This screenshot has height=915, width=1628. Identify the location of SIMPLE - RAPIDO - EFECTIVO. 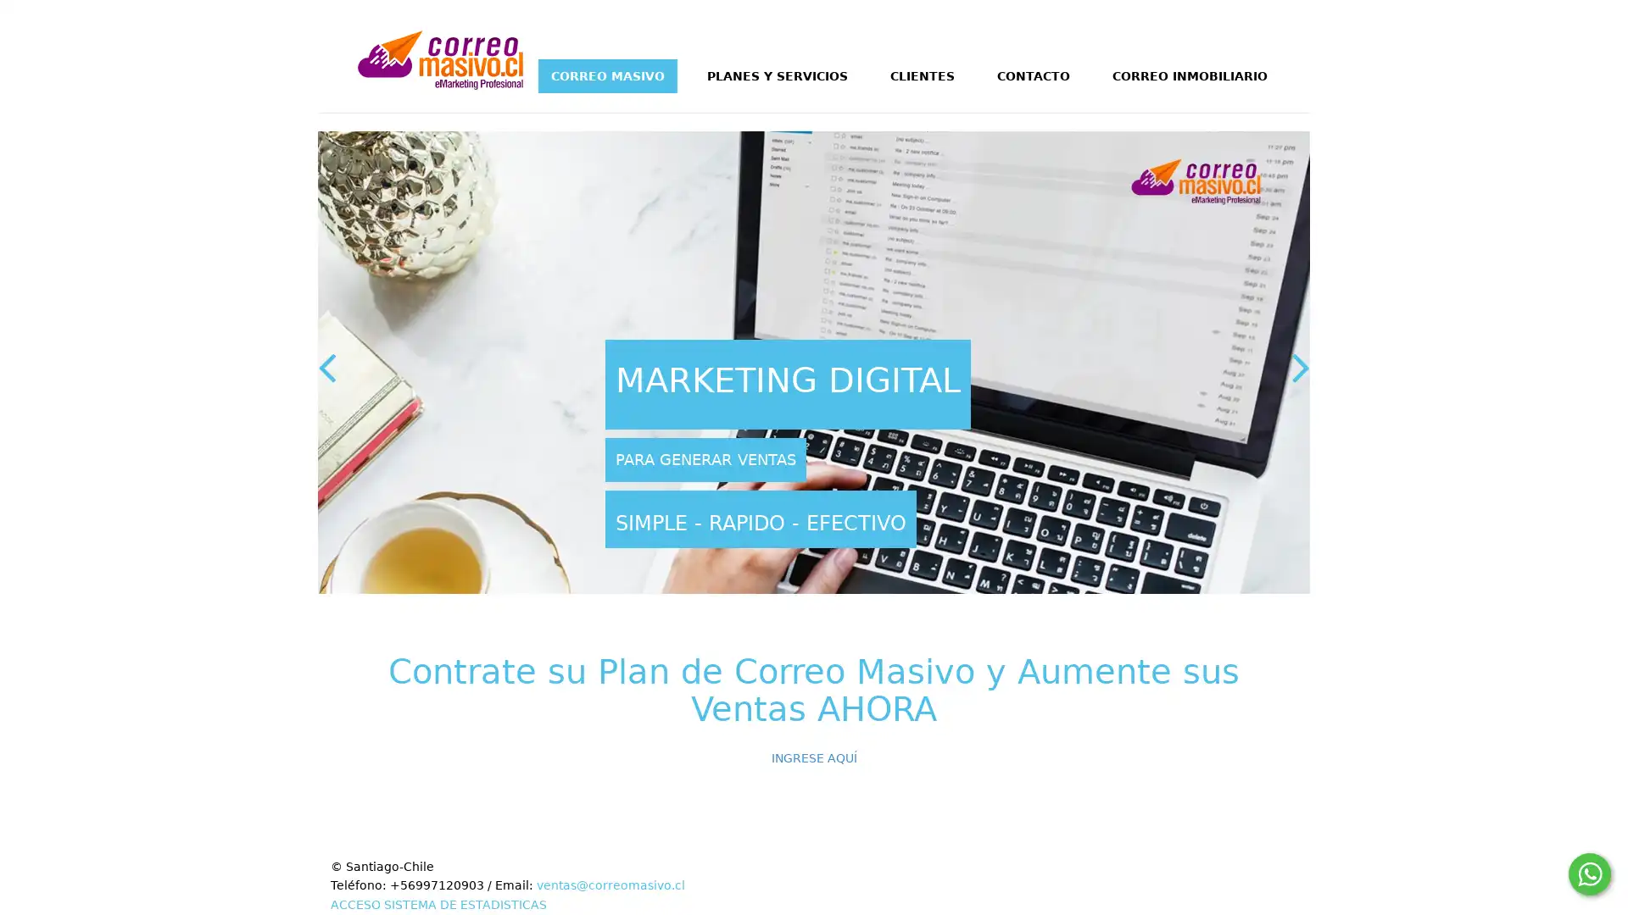
(760, 518).